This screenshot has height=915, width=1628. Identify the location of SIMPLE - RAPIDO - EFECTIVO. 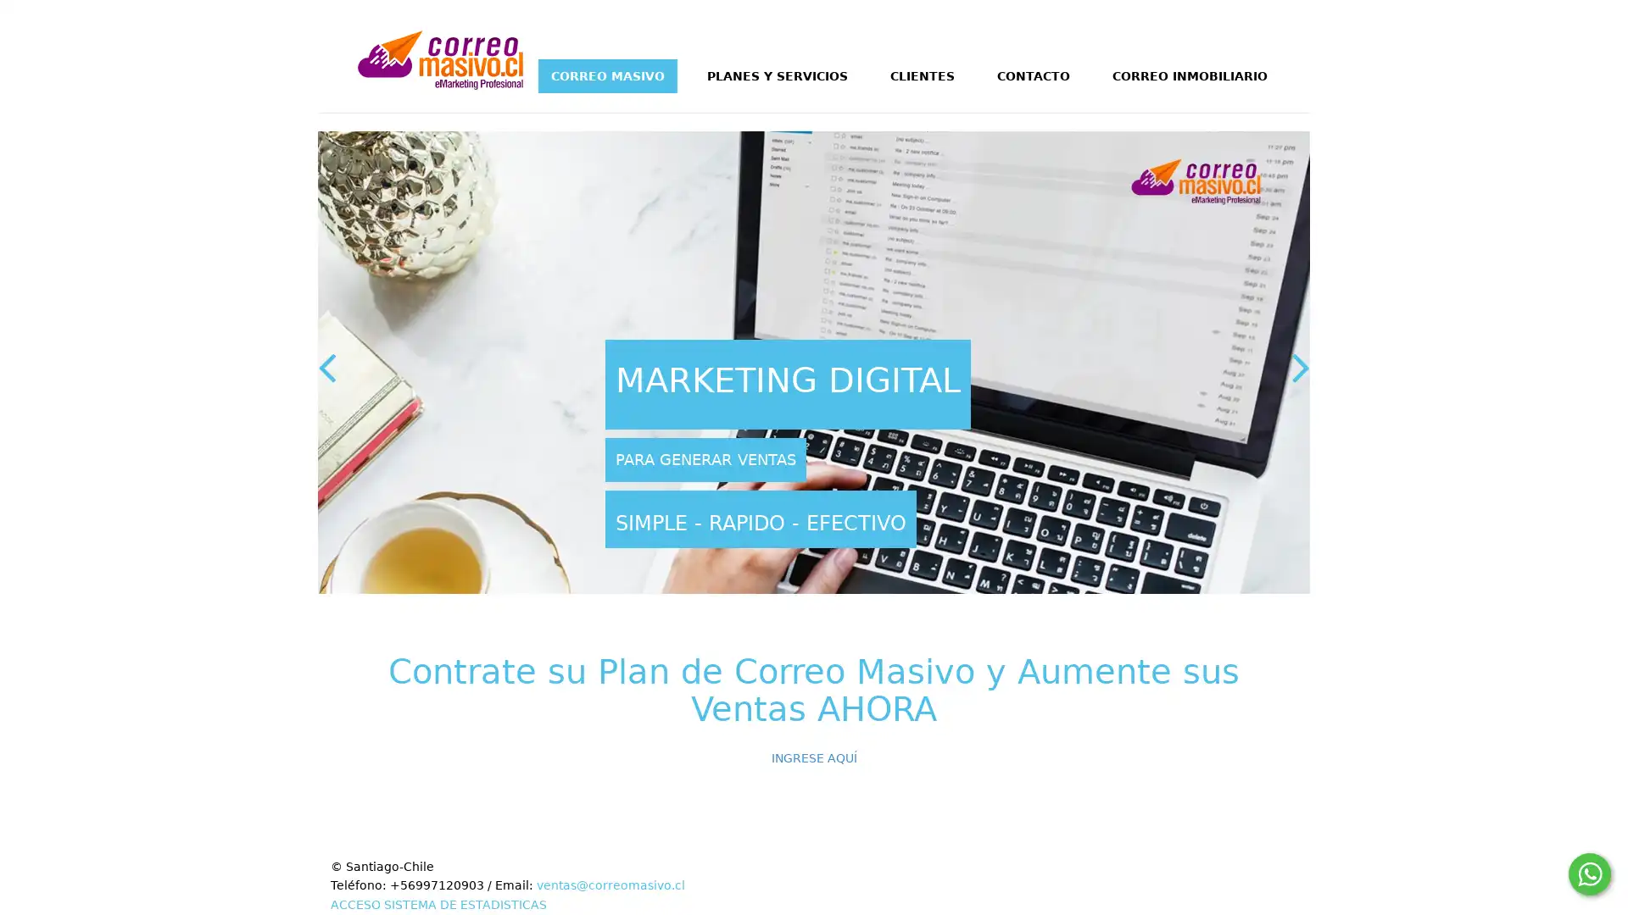
(760, 518).